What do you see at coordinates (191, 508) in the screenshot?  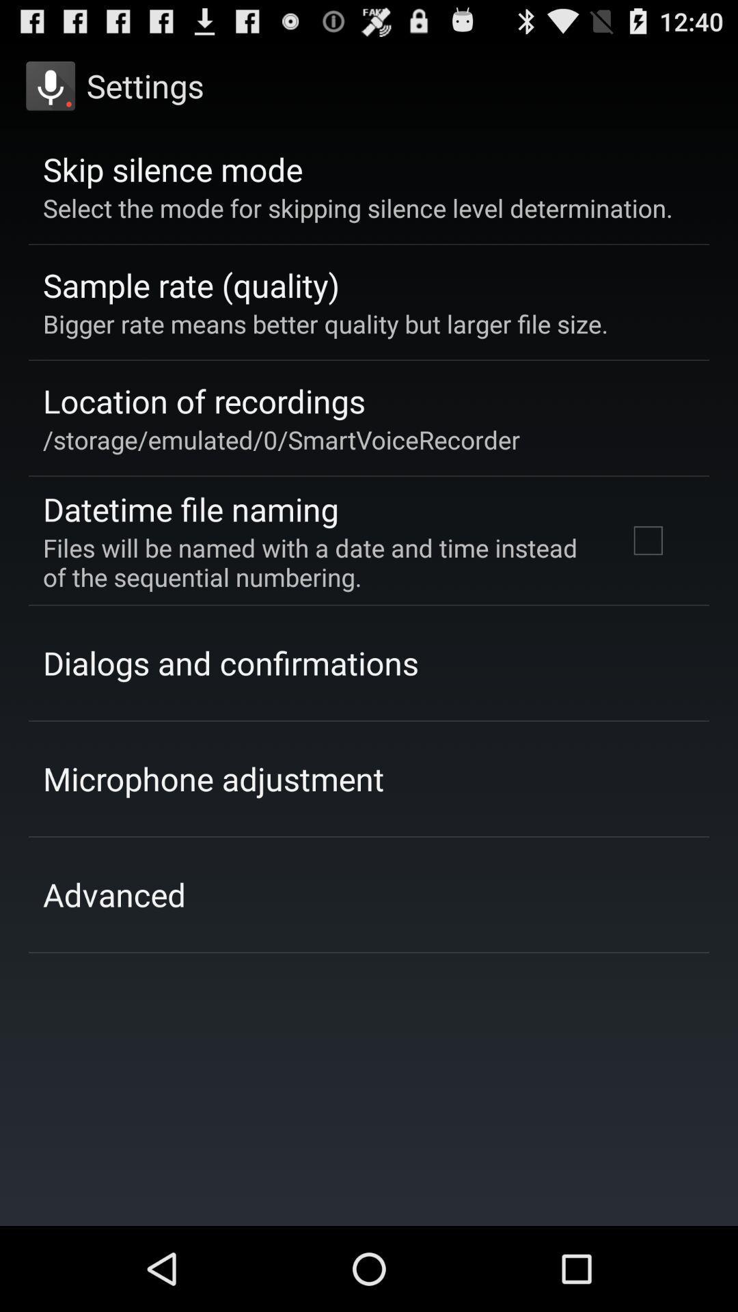 I see `datetime file naming item` at bounding box center [191, 508].